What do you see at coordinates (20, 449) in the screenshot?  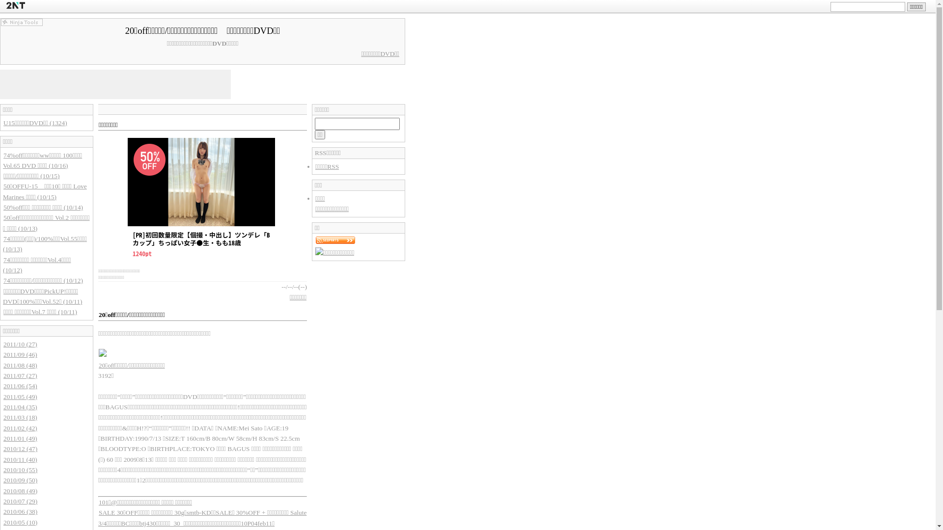 I see `'2010/12 (47)'` at bounding box center [20, 449].